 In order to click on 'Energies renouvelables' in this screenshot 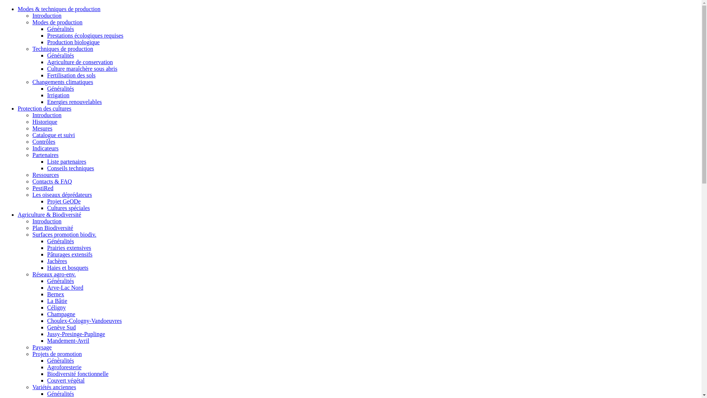, I will do `click(74, 102)`.